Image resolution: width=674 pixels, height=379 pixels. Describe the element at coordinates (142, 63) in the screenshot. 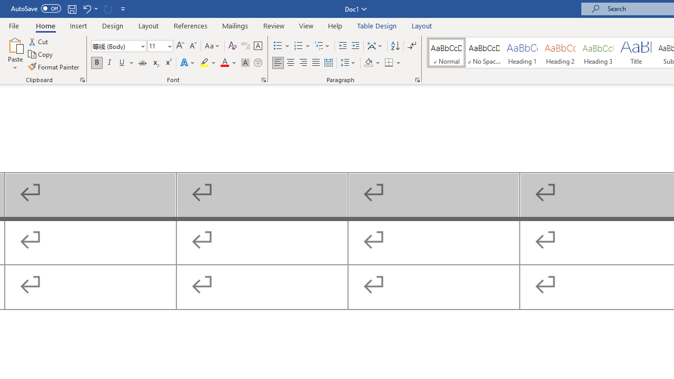

I see `'Strikethrough'` at that location.